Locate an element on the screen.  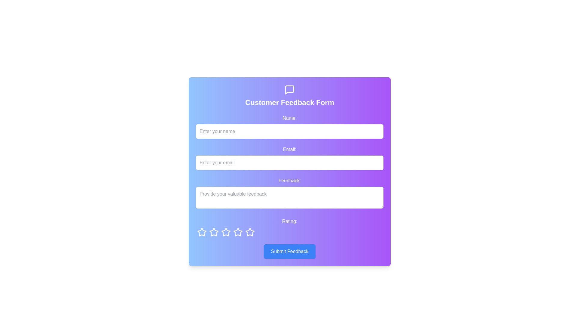
the submit button located centrally at the bottom of the feedback form is located at coordinates (290, 252).